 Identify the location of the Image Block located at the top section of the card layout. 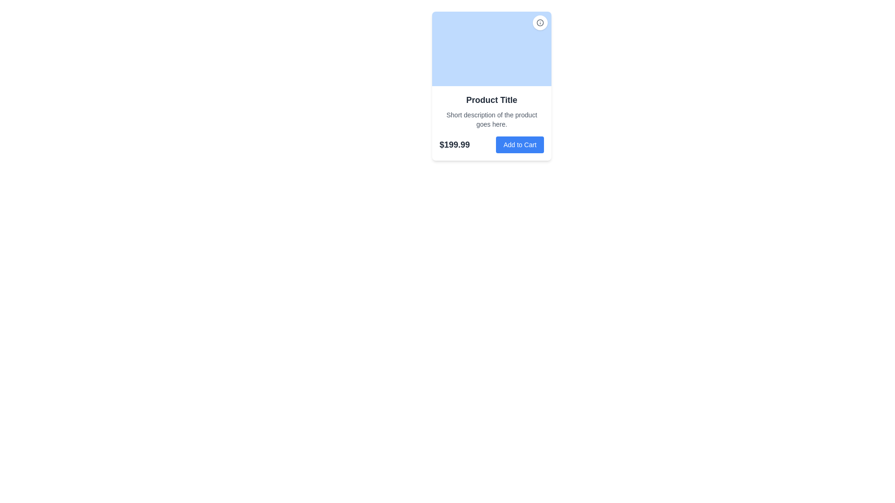
(491, 48).